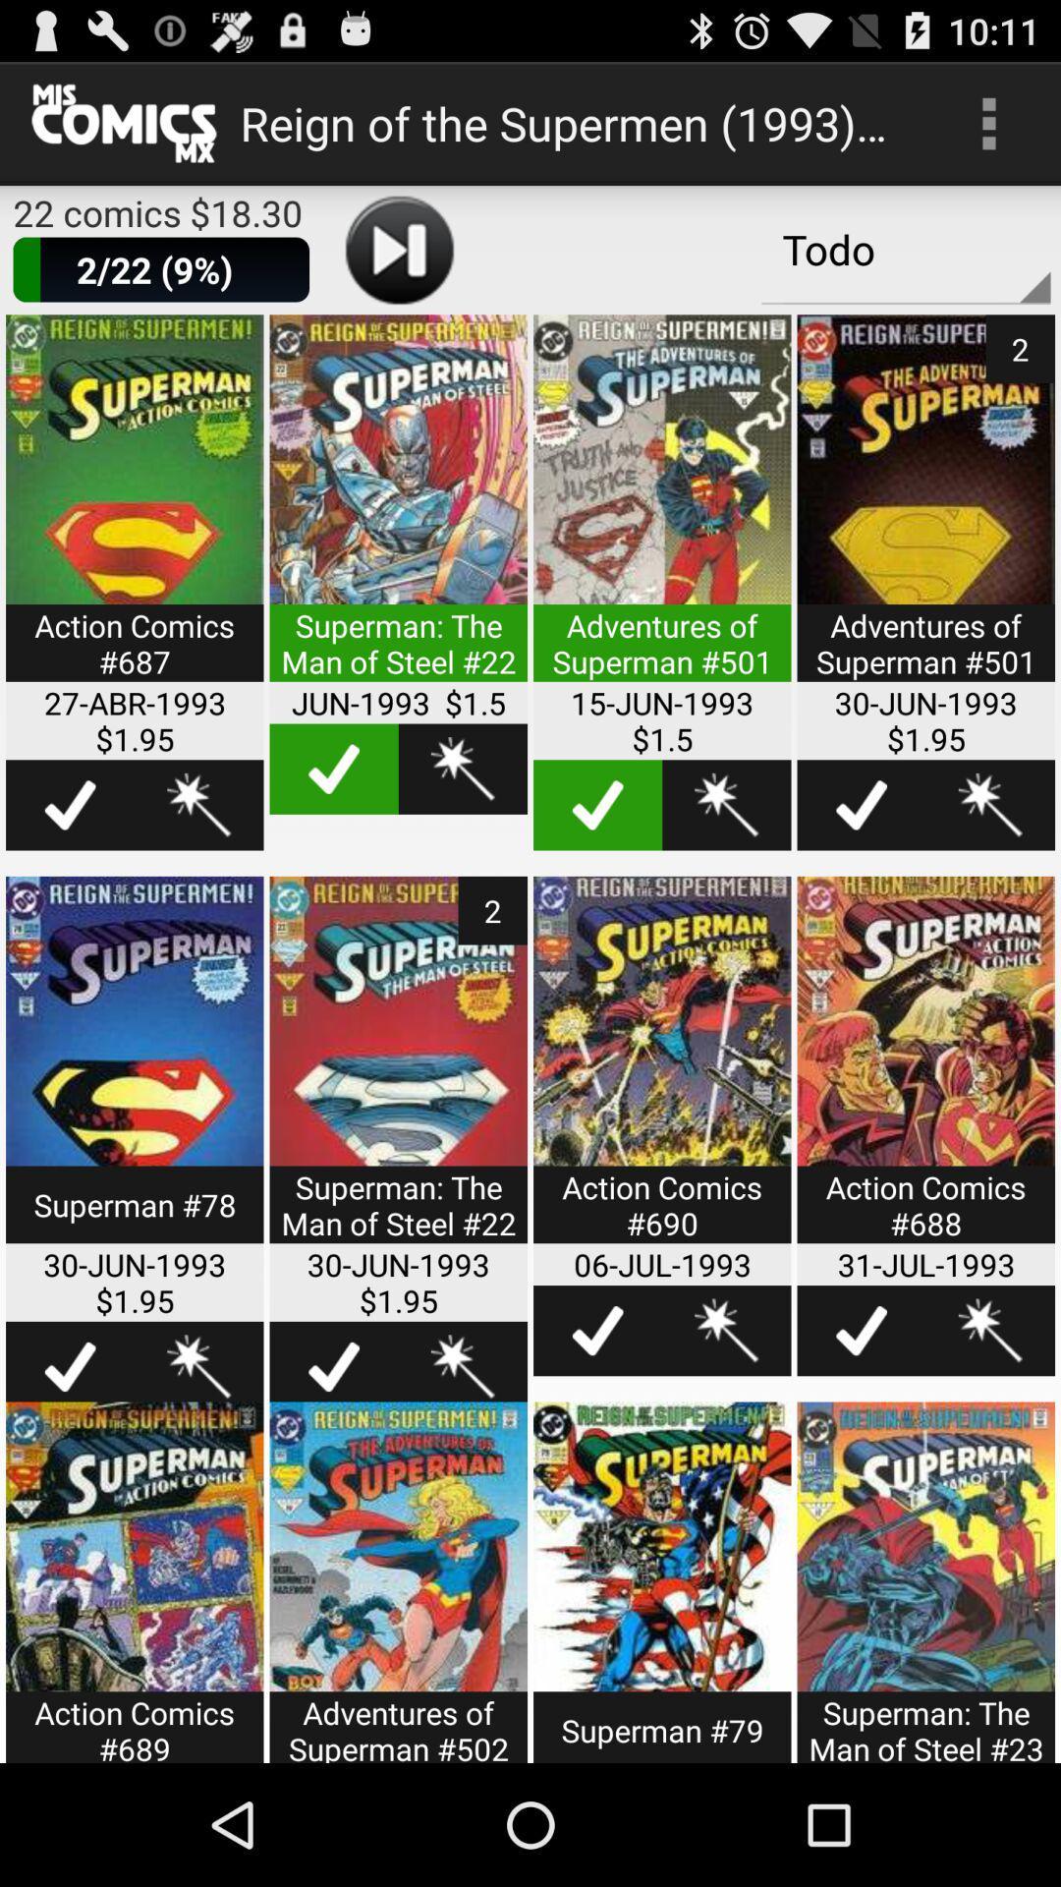  Describe the element at coordinates (662, 510) in the screenshot. I see `adventures of superman 501` at that location.